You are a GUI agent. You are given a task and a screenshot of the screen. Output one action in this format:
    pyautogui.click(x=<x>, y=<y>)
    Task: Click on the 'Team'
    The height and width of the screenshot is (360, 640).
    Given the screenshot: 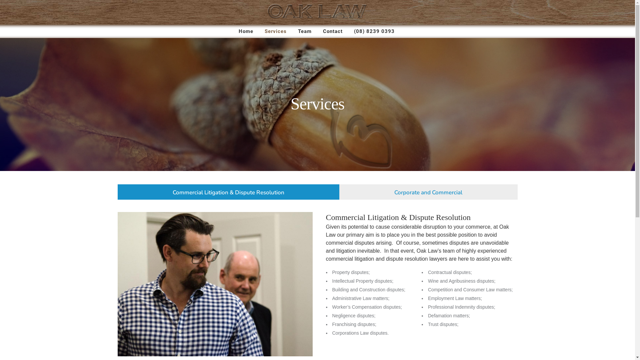 What is the action you would take?
    pyautogui.click(x=304, y=31)
    